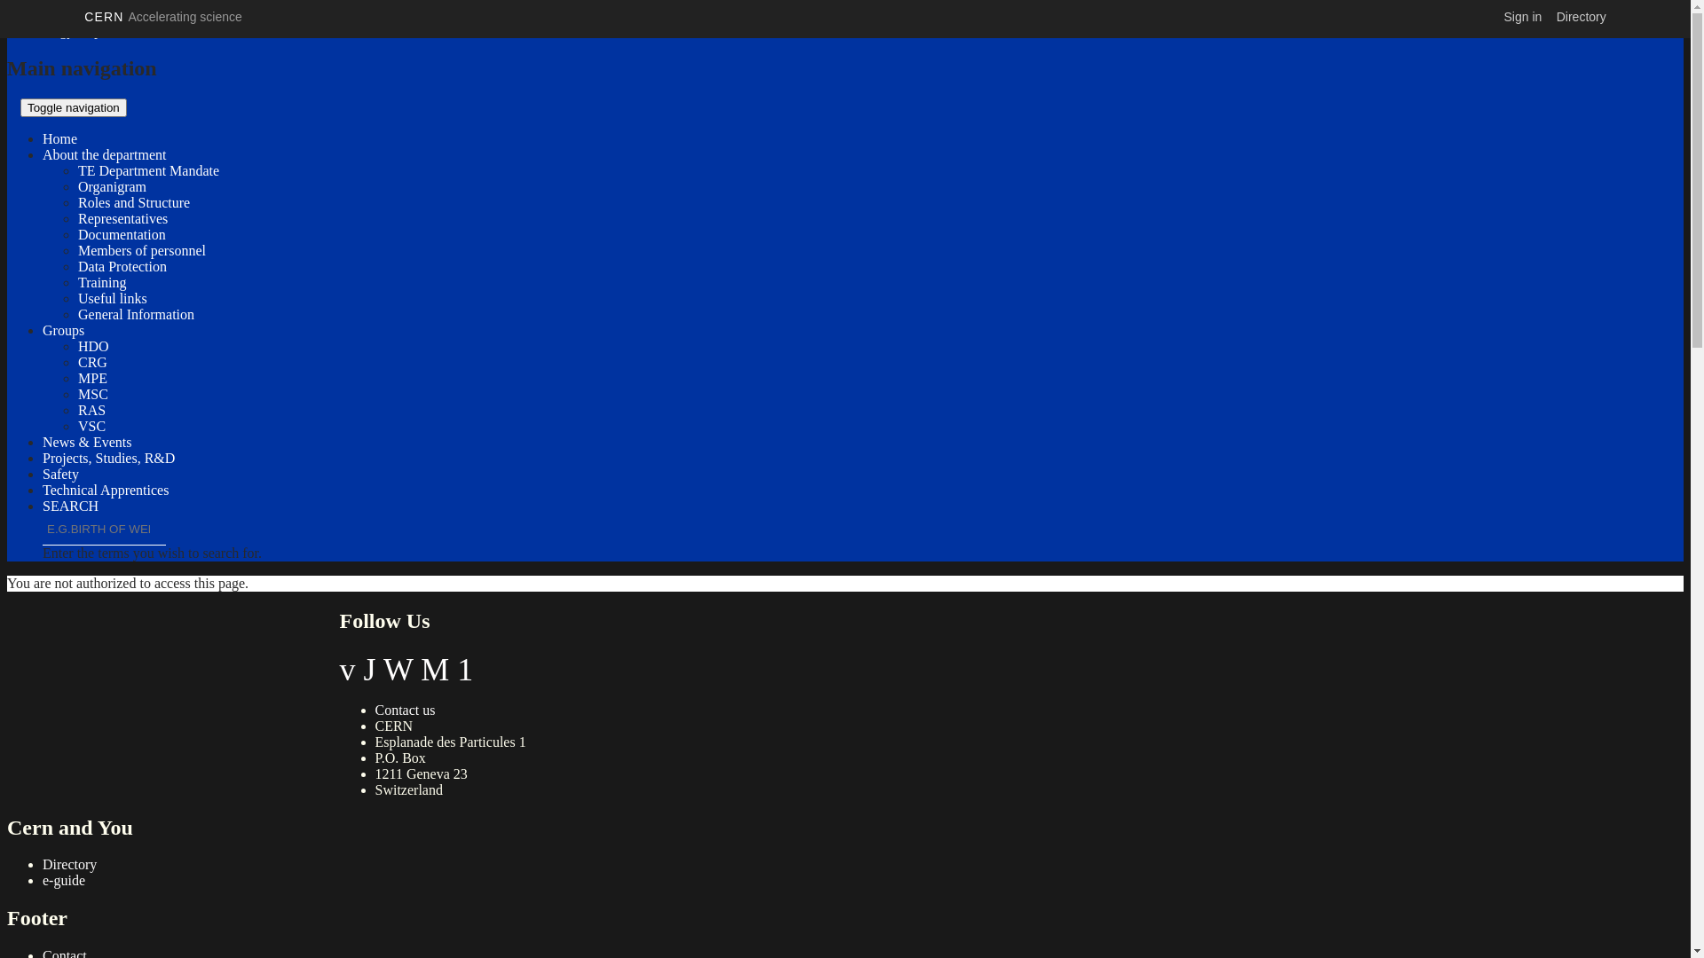  I want to click on 'RAS', so click(91, 410).